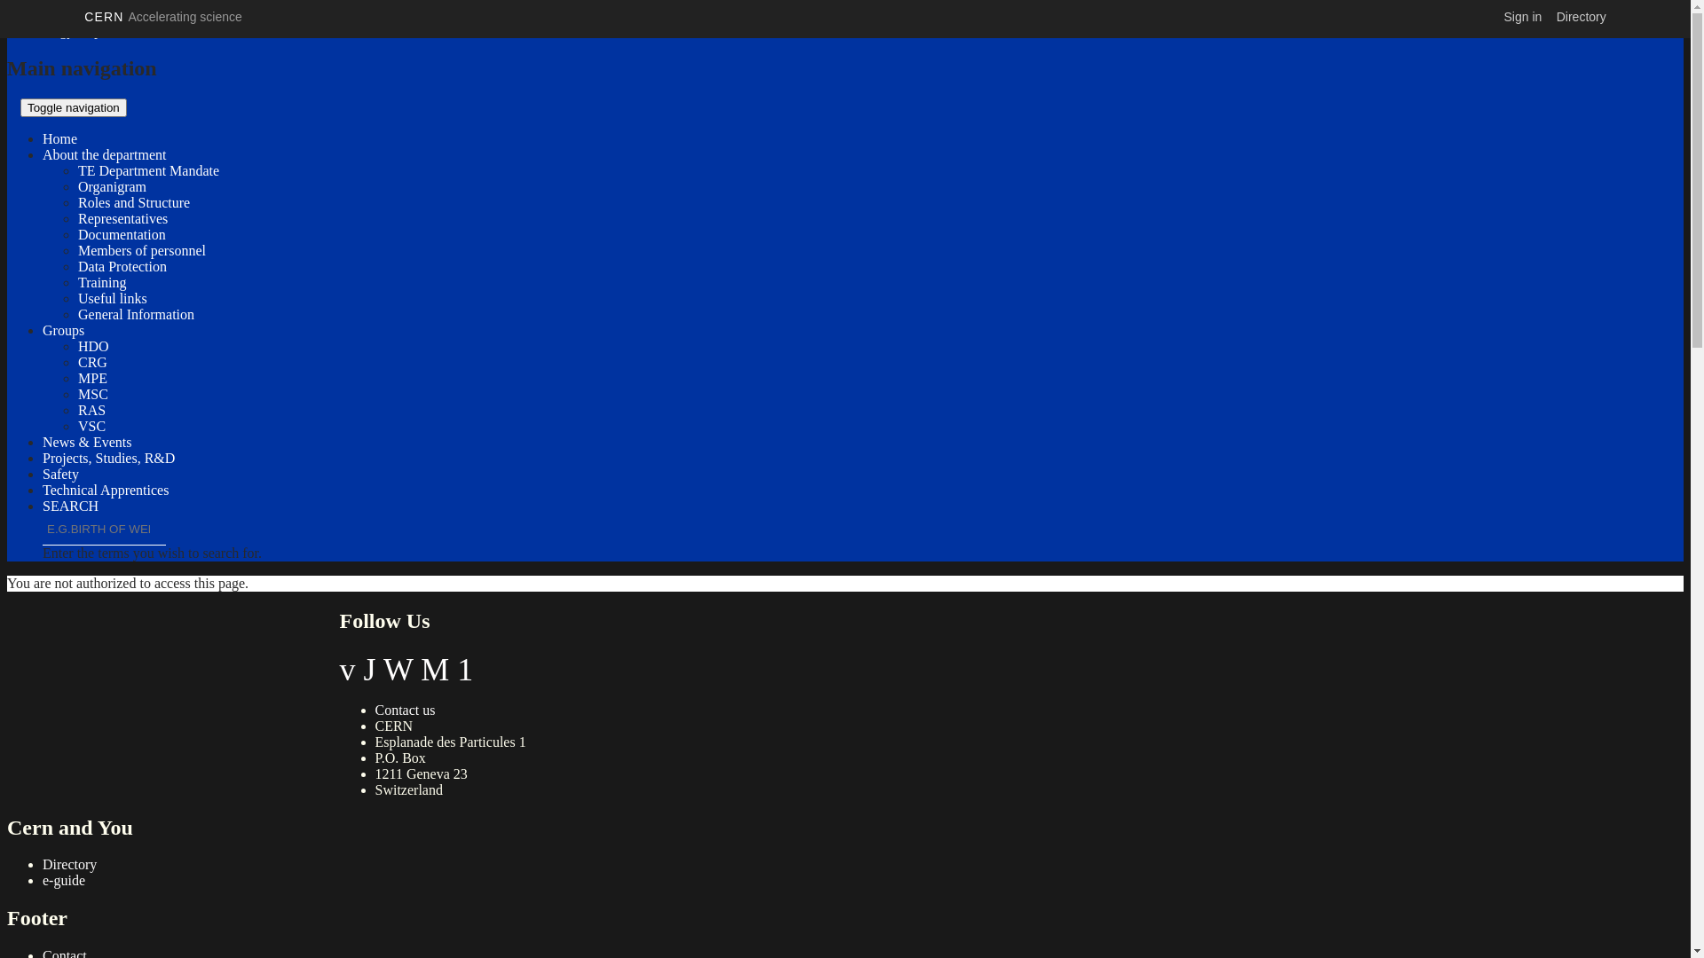  I want to click on 'RAS', so click(91, 410).